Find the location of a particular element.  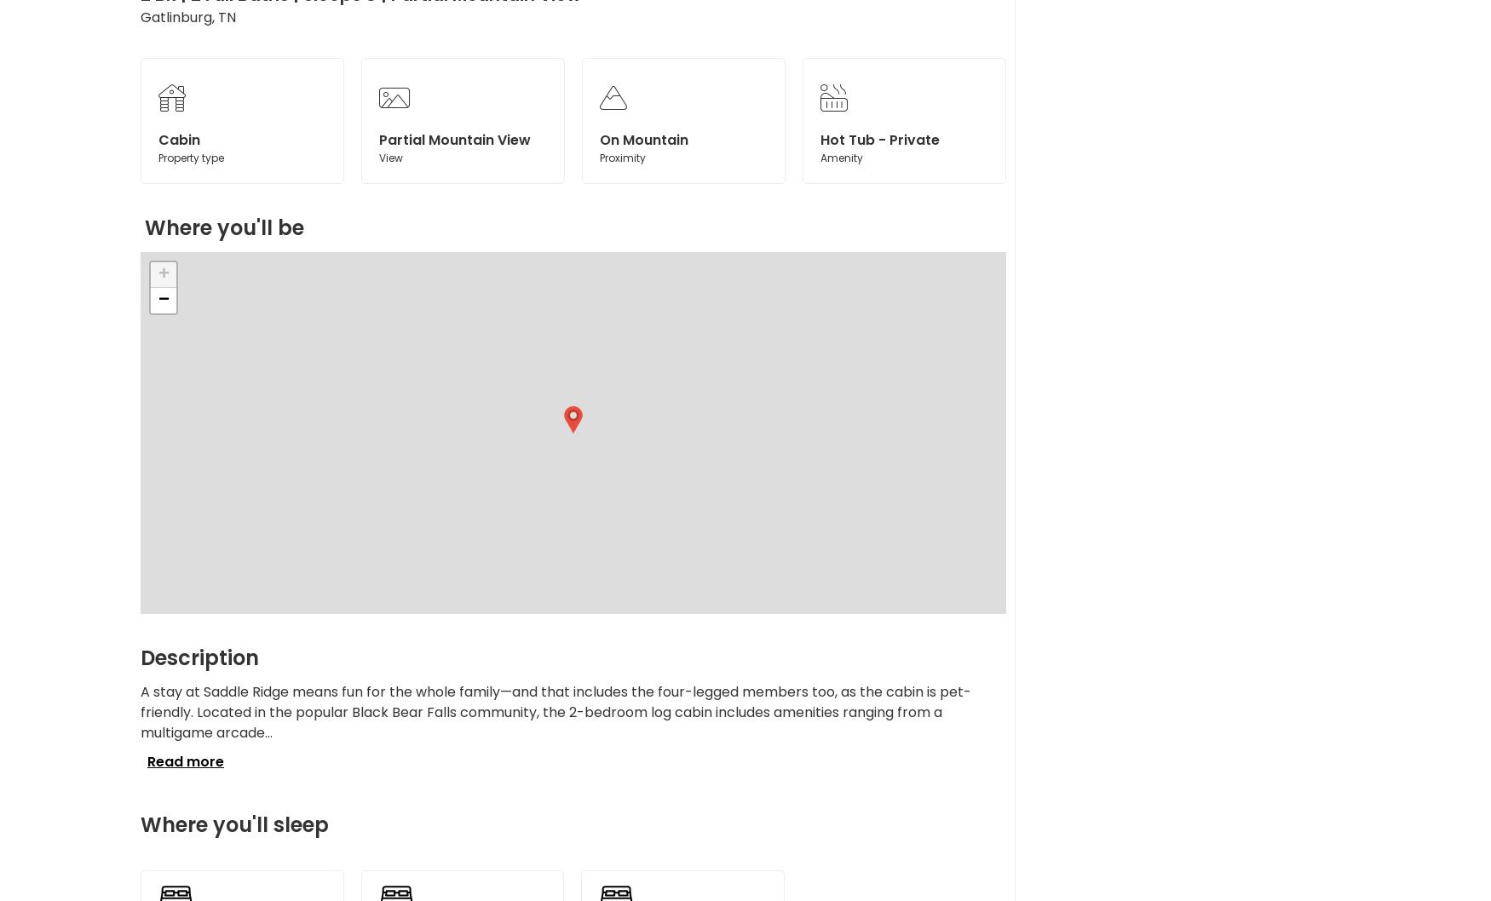

'$79.80' is located at coordinates (331, 339).